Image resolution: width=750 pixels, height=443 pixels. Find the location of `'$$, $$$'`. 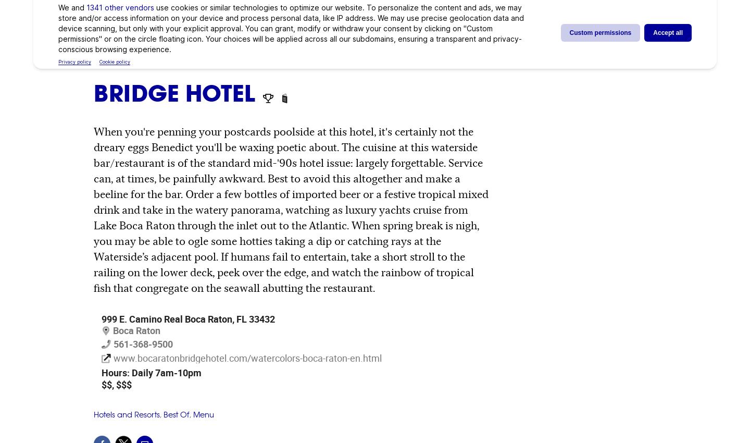

'$$, $$$' is located at coordinates (117, 384).